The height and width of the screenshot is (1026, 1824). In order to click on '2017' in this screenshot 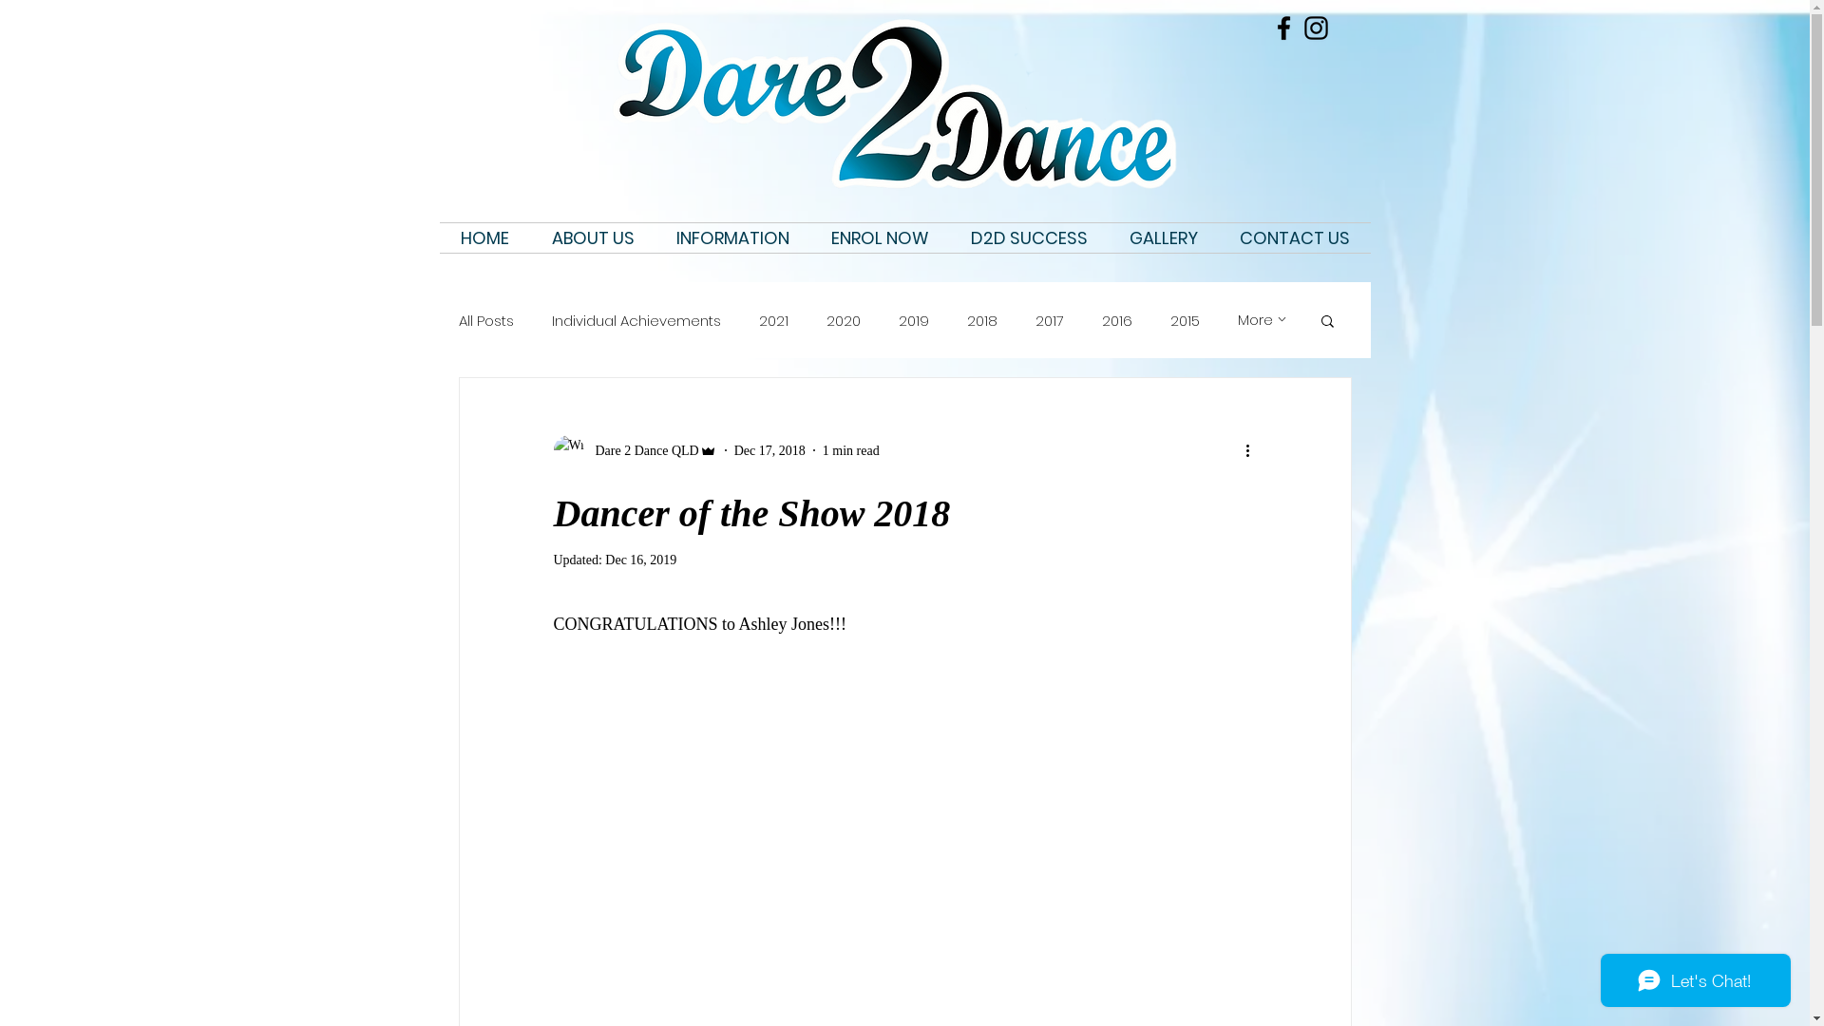, I will do `click(1048, 319)`.